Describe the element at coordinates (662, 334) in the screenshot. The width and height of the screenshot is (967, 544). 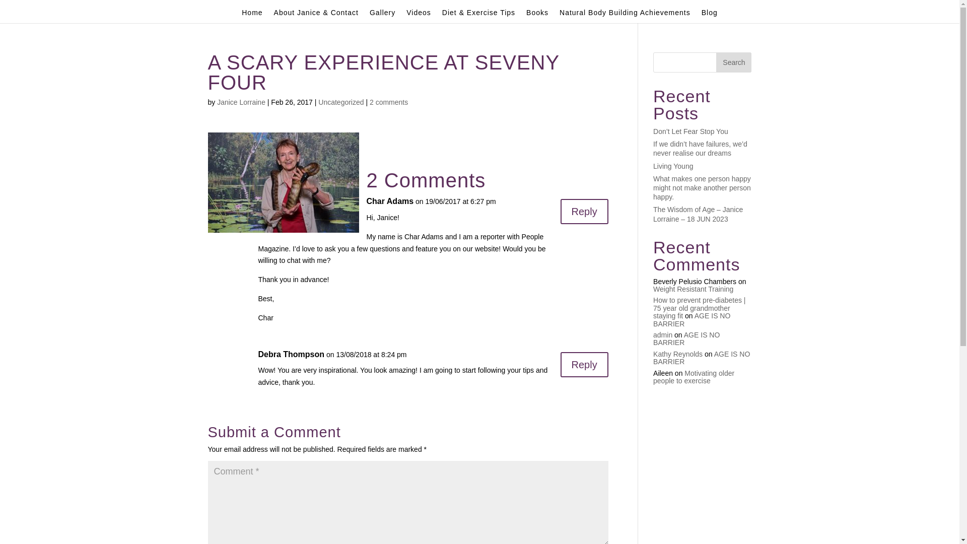
I see `'admin'` at that location.